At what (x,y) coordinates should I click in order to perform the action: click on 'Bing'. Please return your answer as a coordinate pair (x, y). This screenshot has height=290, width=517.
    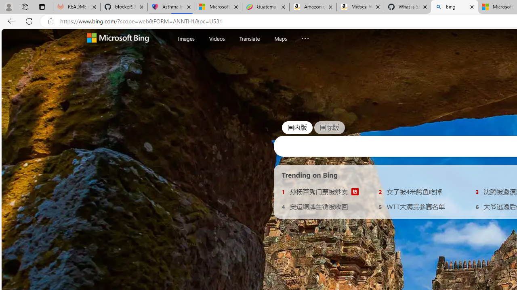
    Looking at the image, I should click on (454, 7).